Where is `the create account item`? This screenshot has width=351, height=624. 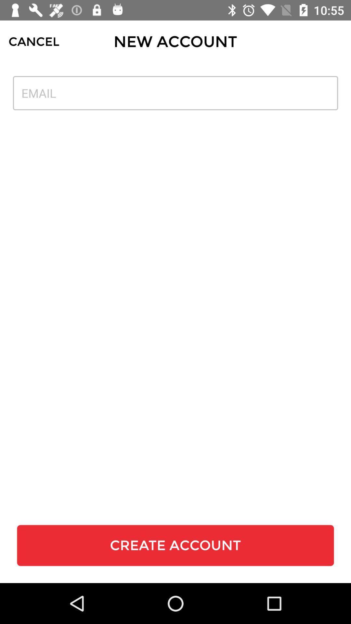
the create account item is located at coordinates (175, 545).